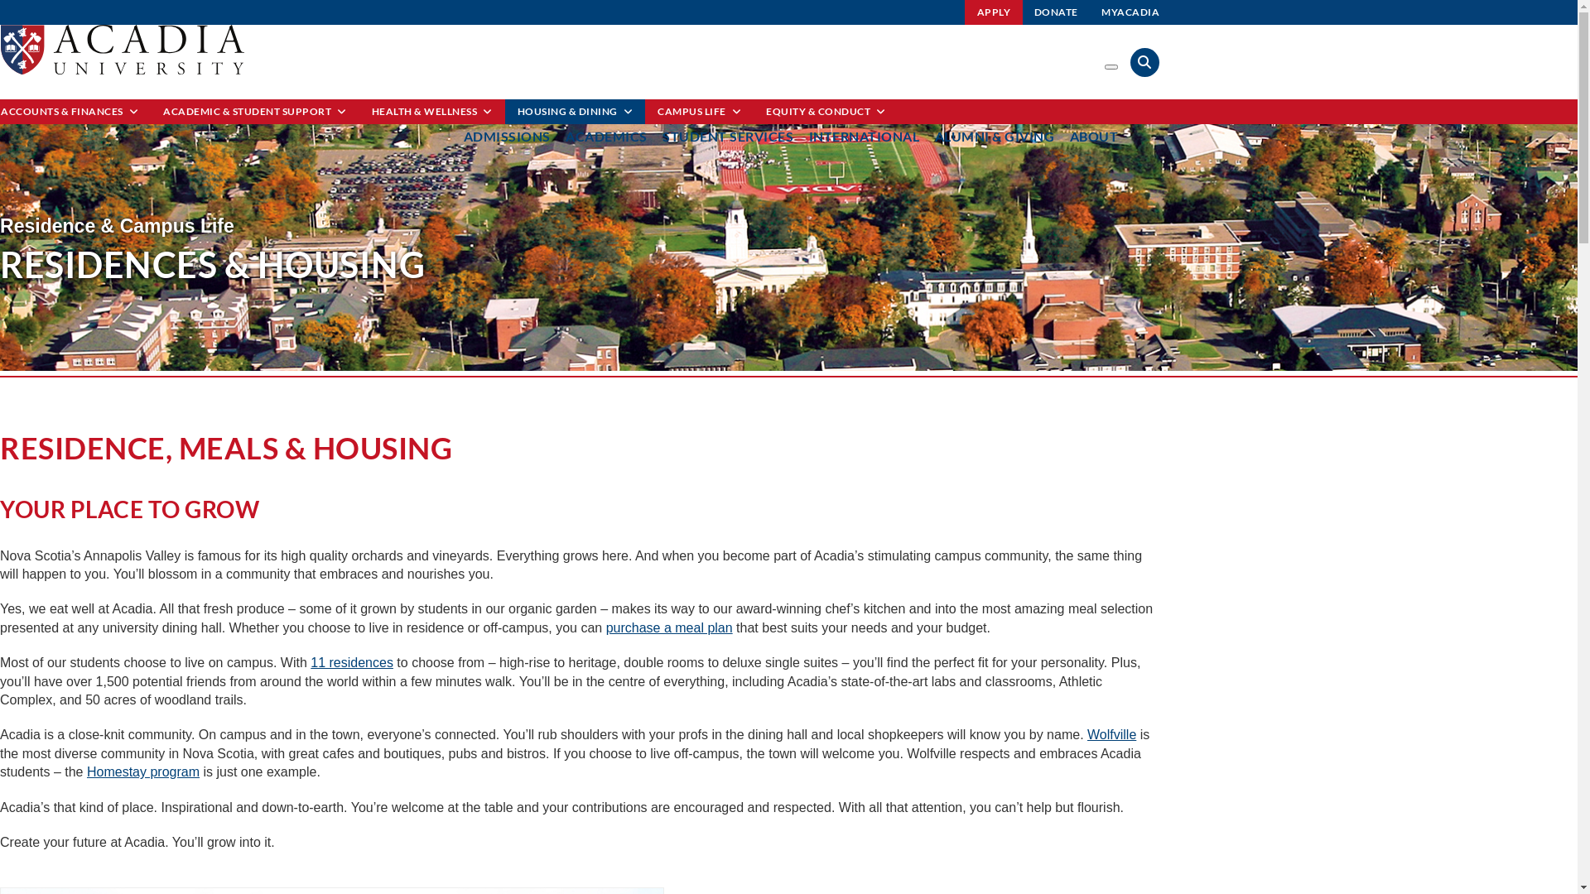 This screenshot has height=894, width=1590. What do you see at coordinates (351, 661) in the screenshot?
I see `'11 residences'` at bounding box center [351, 661].